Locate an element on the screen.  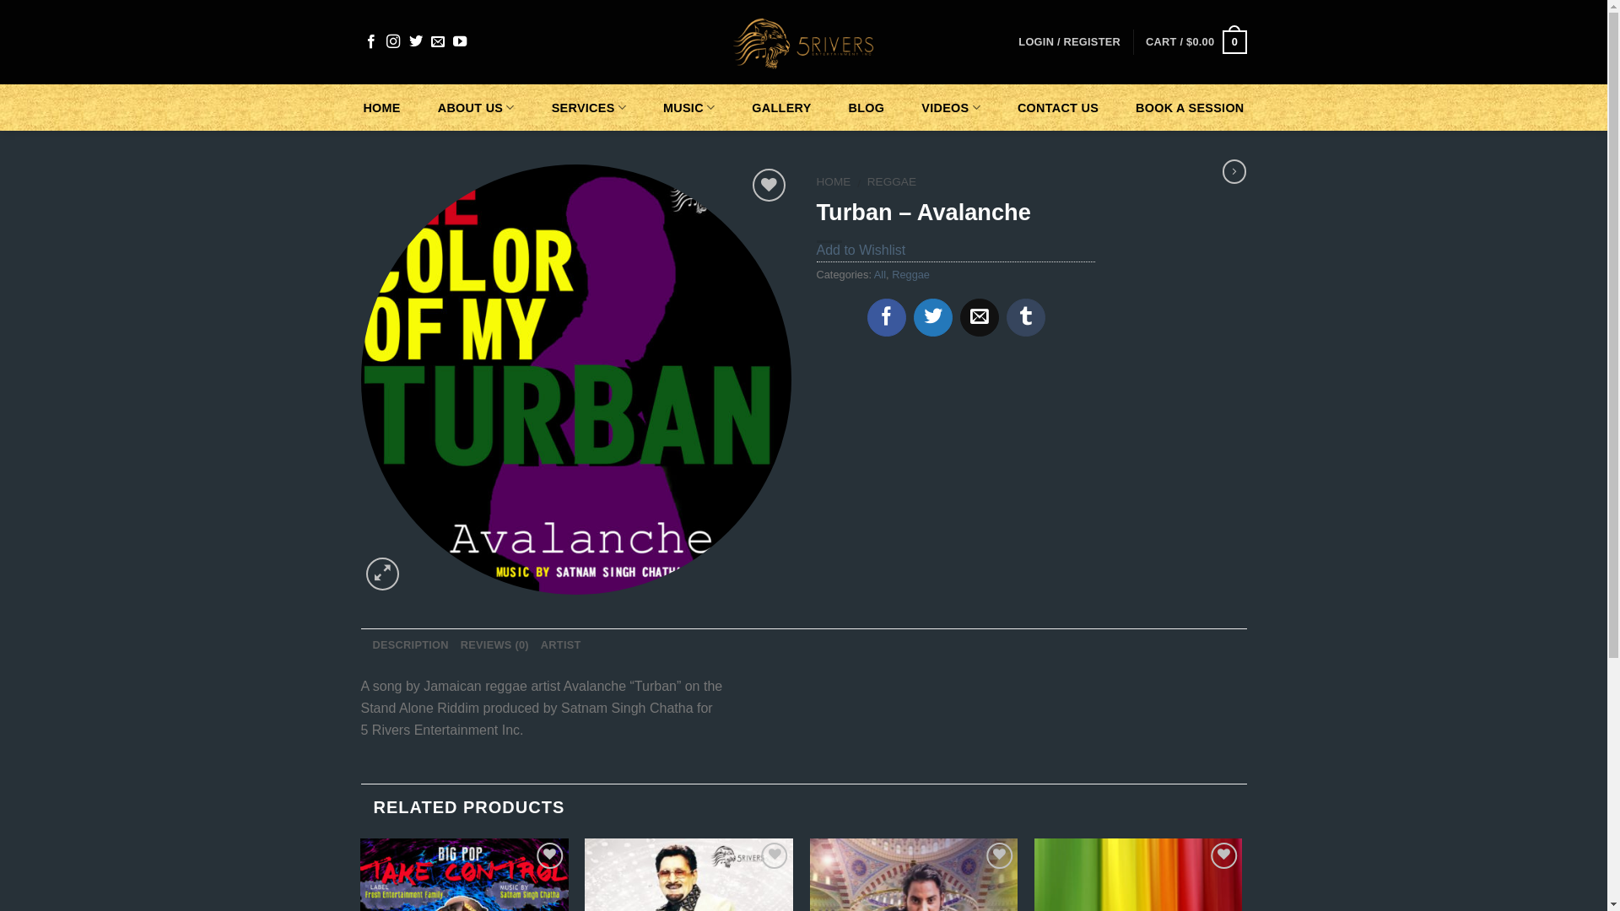
'BLOG' is located at coordinates (867, 107).